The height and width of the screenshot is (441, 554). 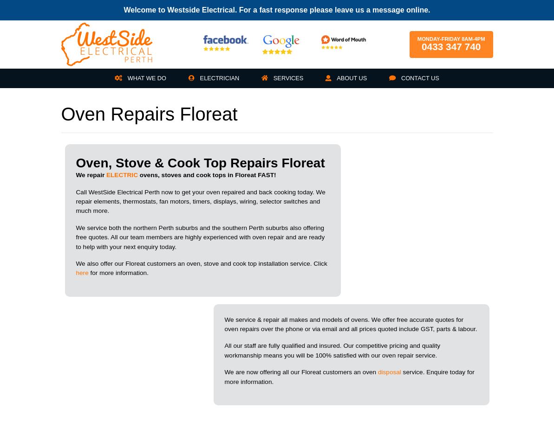 What do you see at coordinates (348, 376) in the screenshot?
I see `'service. Enquire today for more information.'` at bounding box center [348, 376].